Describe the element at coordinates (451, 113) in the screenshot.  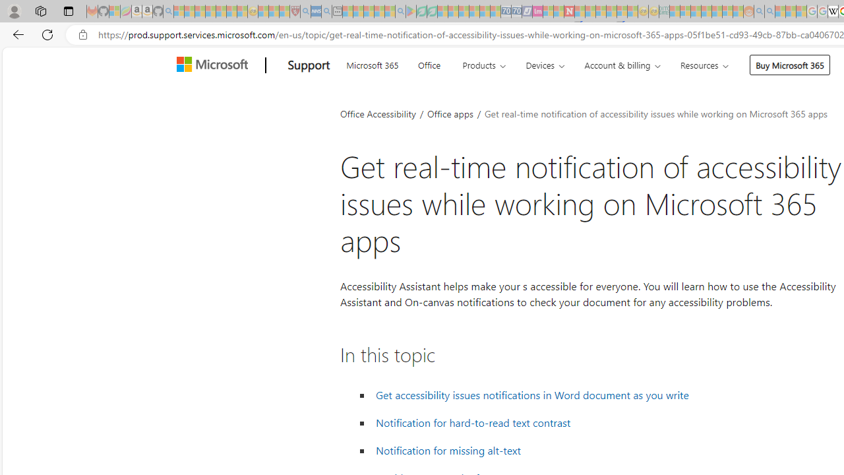
I see `'Office apps '` at that location.